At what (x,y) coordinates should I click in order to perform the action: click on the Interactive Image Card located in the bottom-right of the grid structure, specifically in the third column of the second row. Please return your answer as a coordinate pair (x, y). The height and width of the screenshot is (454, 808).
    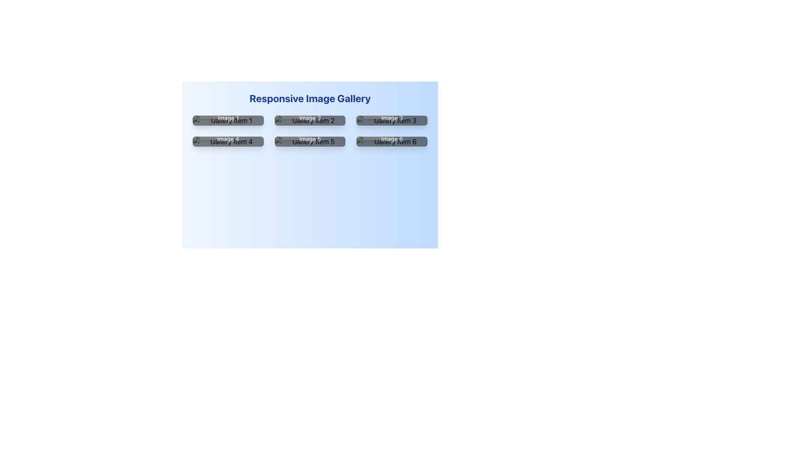
    Looking at the image, I should click on (391, 141).